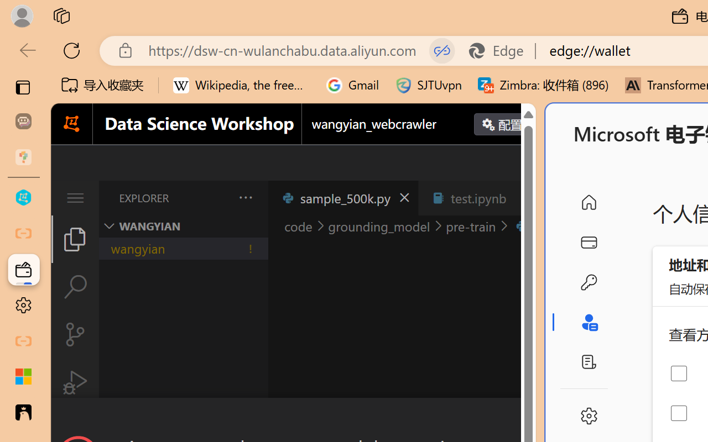 The image size is (708, 442). What do you see at coordinates (74, 286) in the screenshot?
I see `'Search (Ctrl+Shift+F)'` at bounding box center [74, 286].